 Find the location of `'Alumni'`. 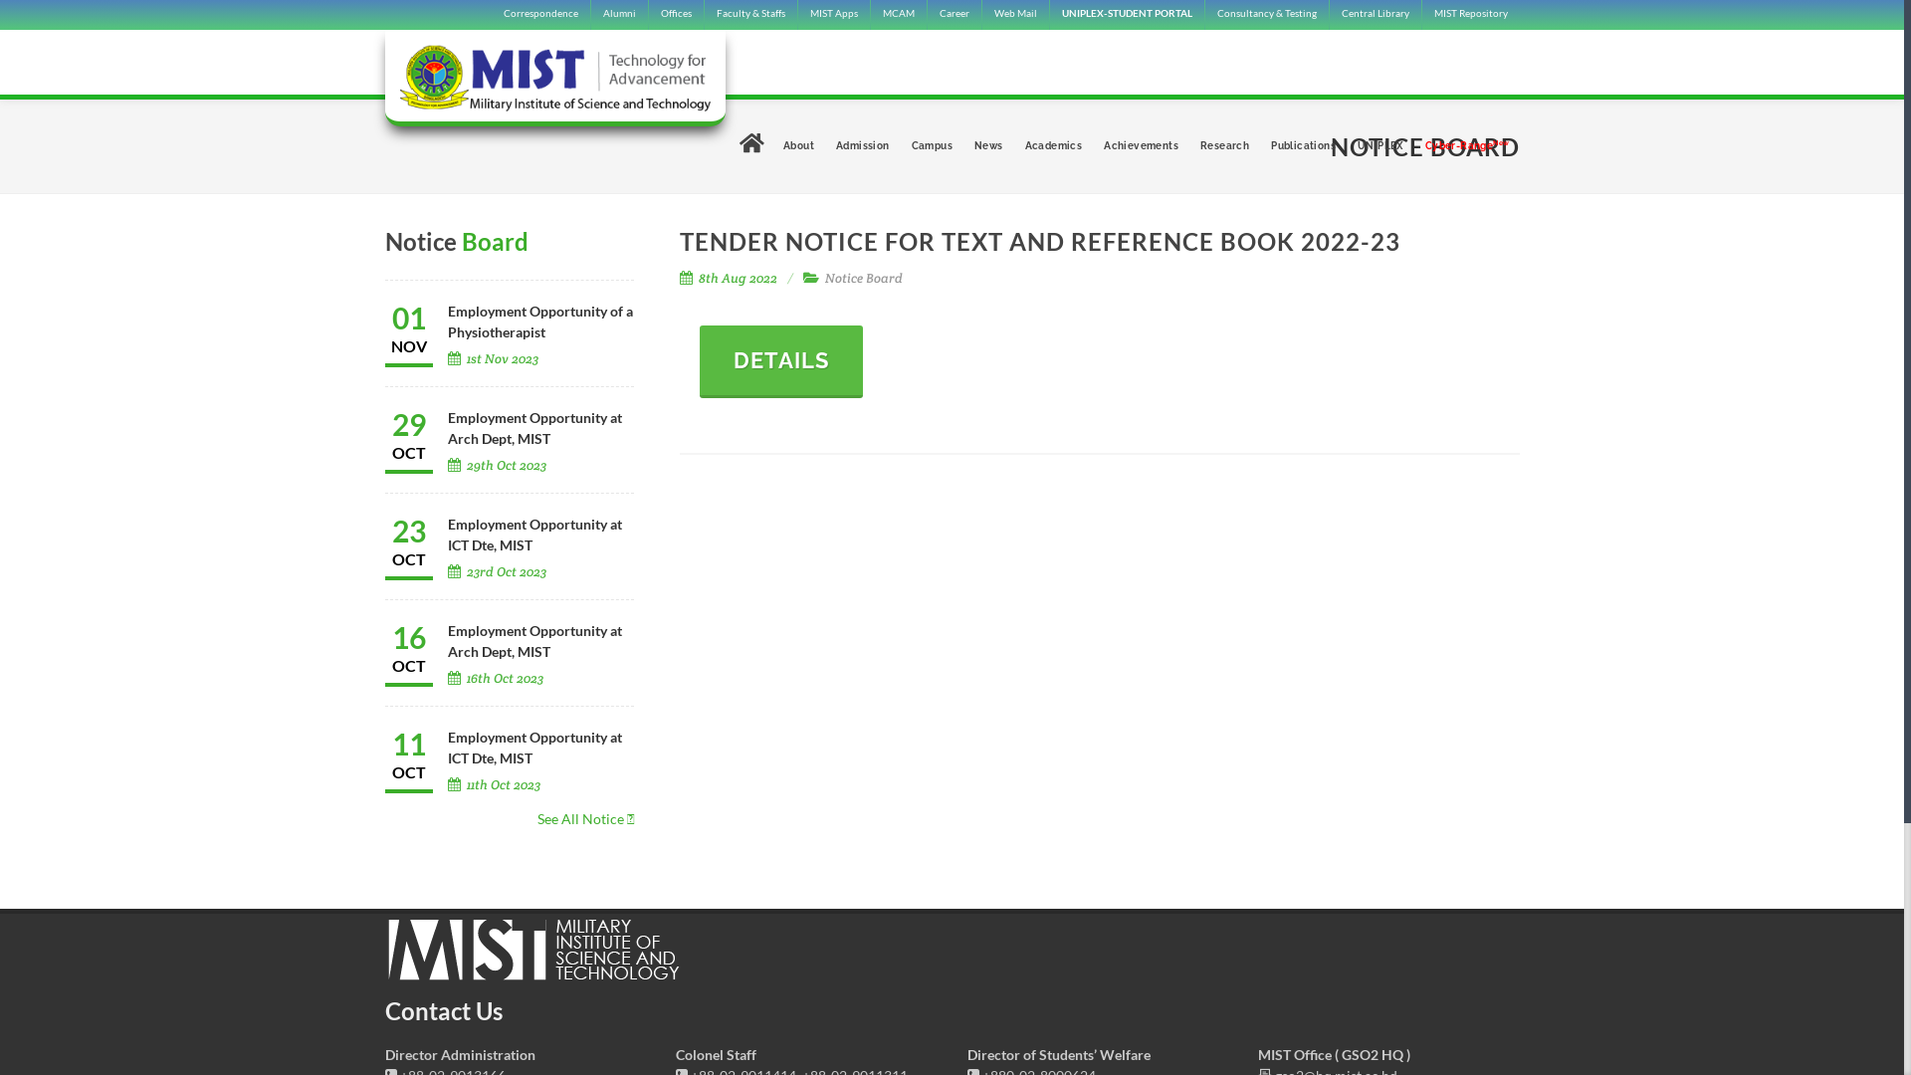

'Alumni' is located at coordinates (618, 15).